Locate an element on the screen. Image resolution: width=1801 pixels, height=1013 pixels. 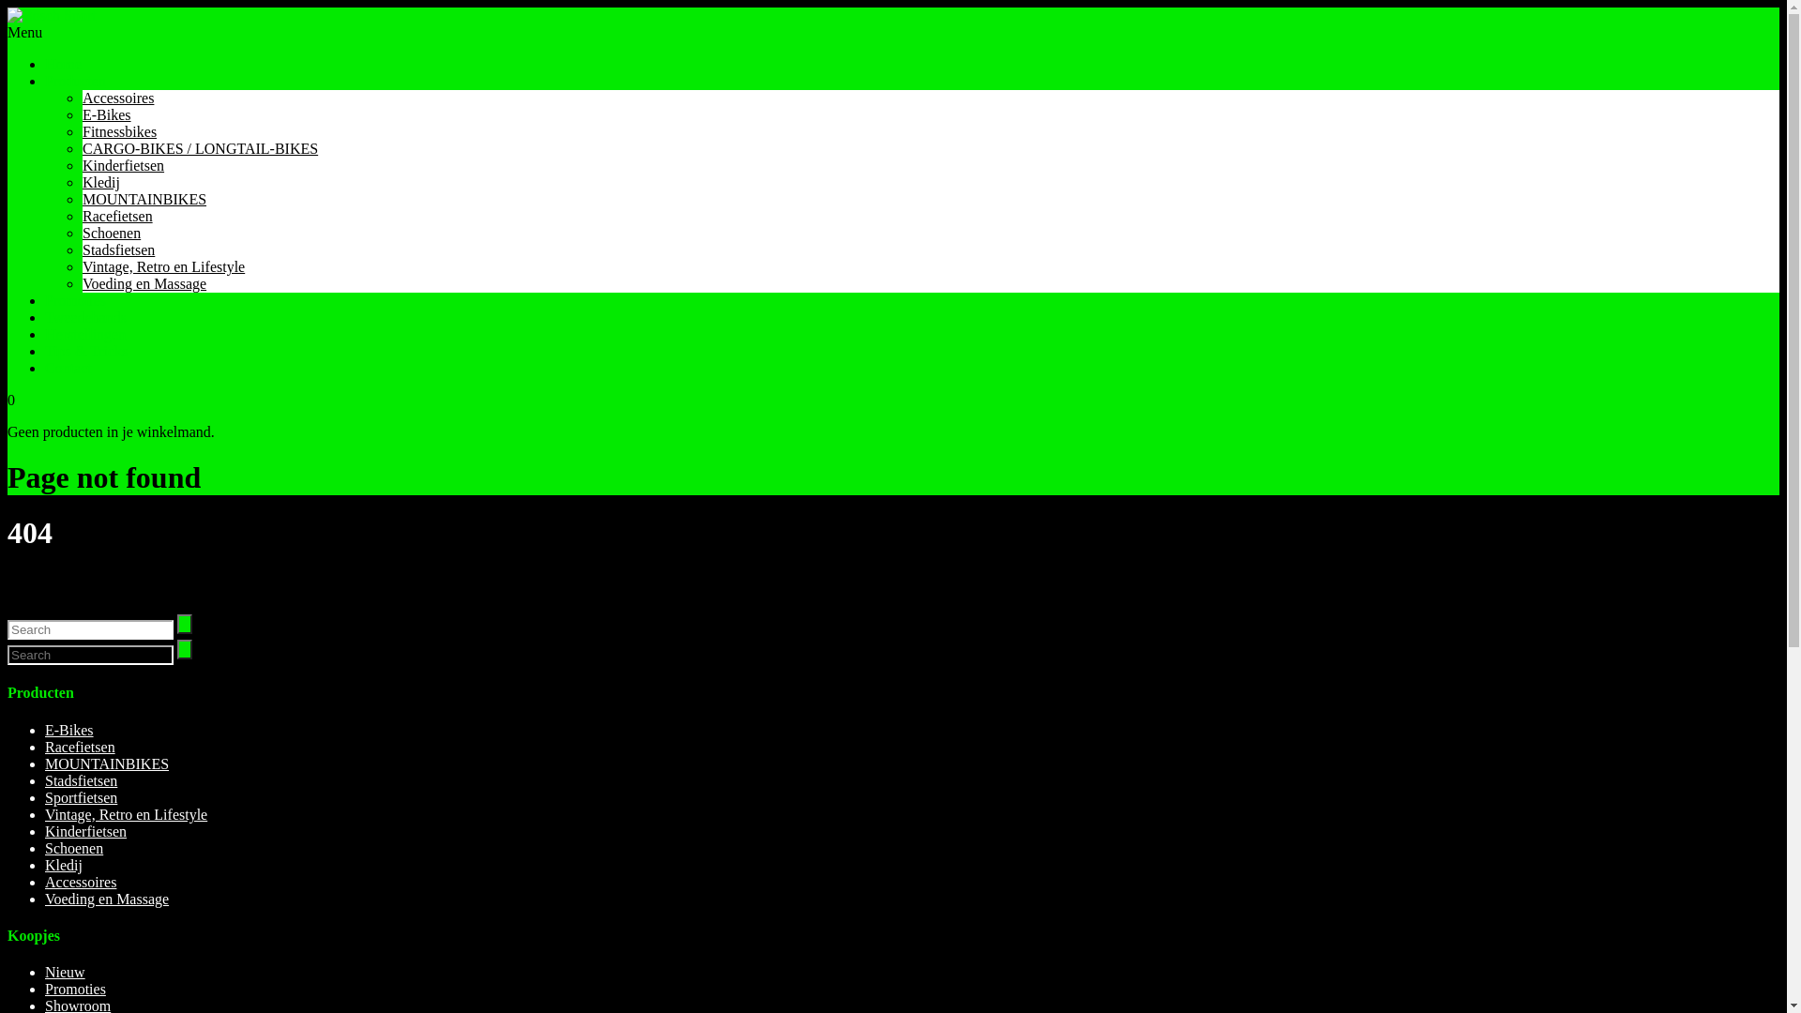
'Kinderfietsen' is located at coordinates (84, 830).